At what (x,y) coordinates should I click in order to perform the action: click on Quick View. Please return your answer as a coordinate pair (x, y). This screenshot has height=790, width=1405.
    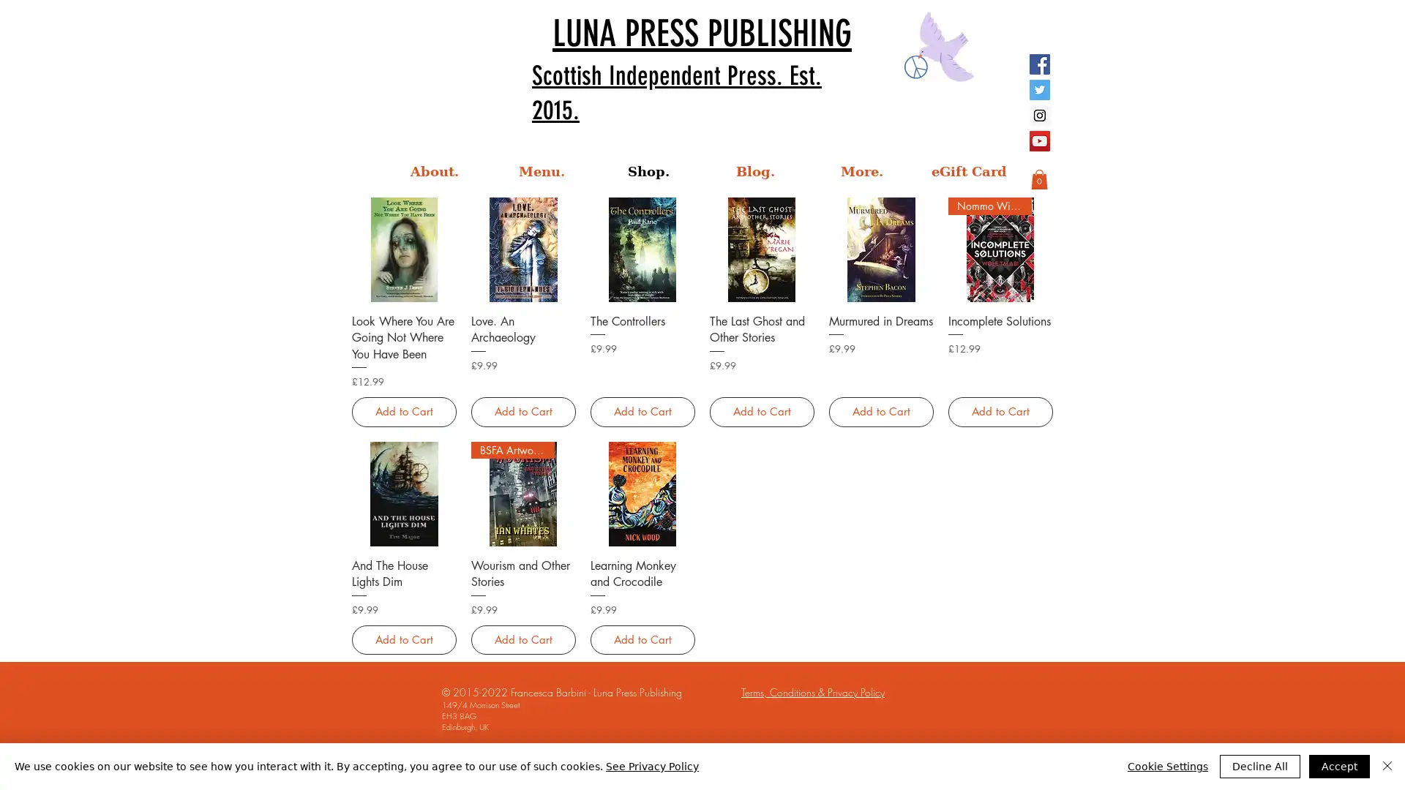
    Looking at the image, I should click on (999, 318).